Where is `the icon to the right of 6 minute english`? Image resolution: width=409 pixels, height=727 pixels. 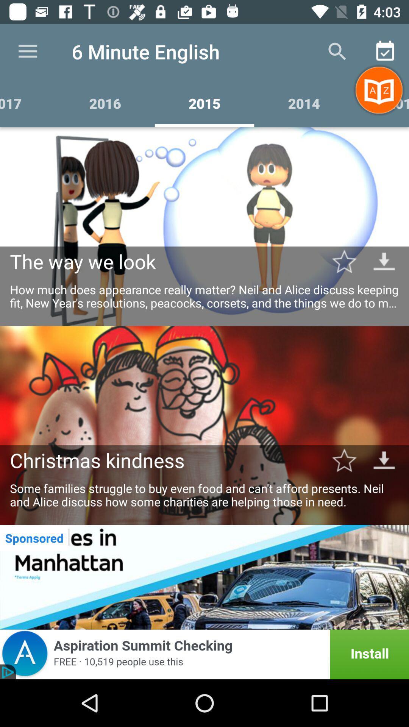 the icon to the right of 6 minute english is located at coordinates (337, 51).